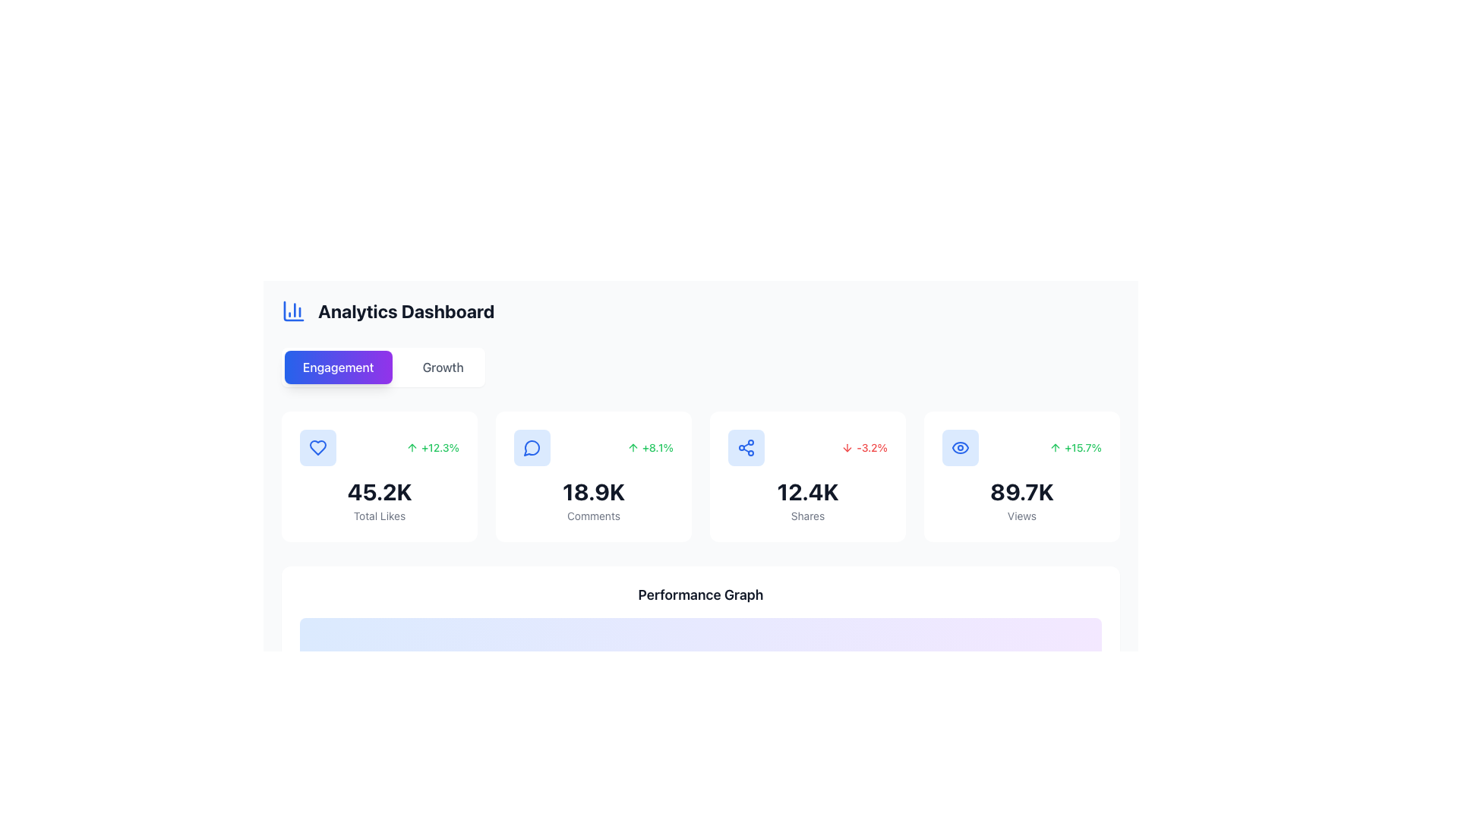  I want to click on the Text label with an accompanying arrow icon that indicates the percentage change for Comments, located above the numerical figure '18.9K' in the second card of horizontally aligned metrics, so click(650, 447).